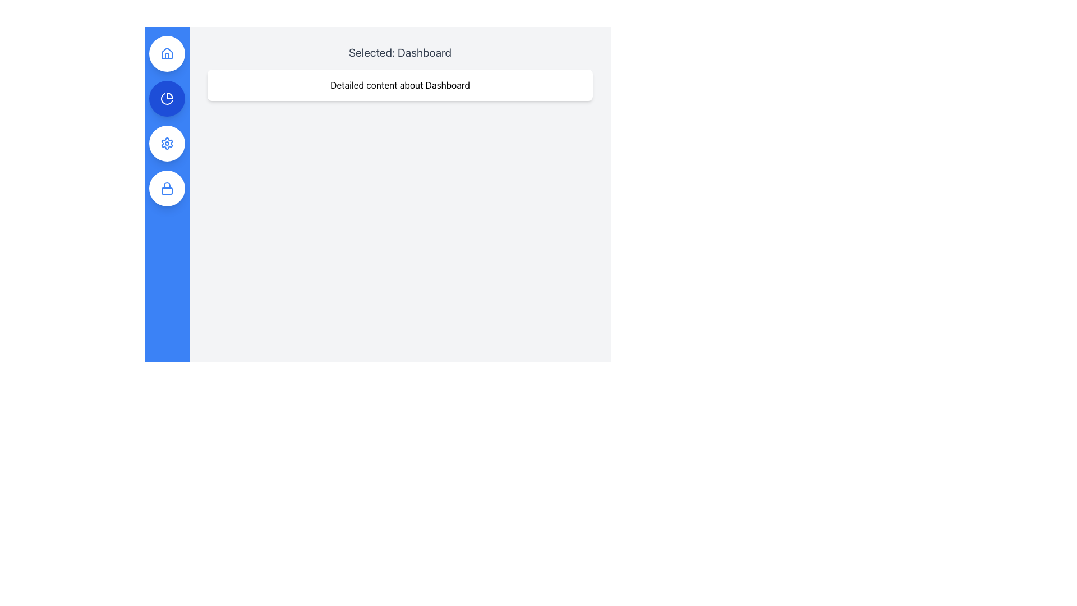 The image size is (1077, 606). Describe the element at coordinates (166, 187) in the screenshot. I see `the circular button with a white background and blue border that contains a lock icon, located as the fourth button in the vertical list on the left sidebar` at that location.